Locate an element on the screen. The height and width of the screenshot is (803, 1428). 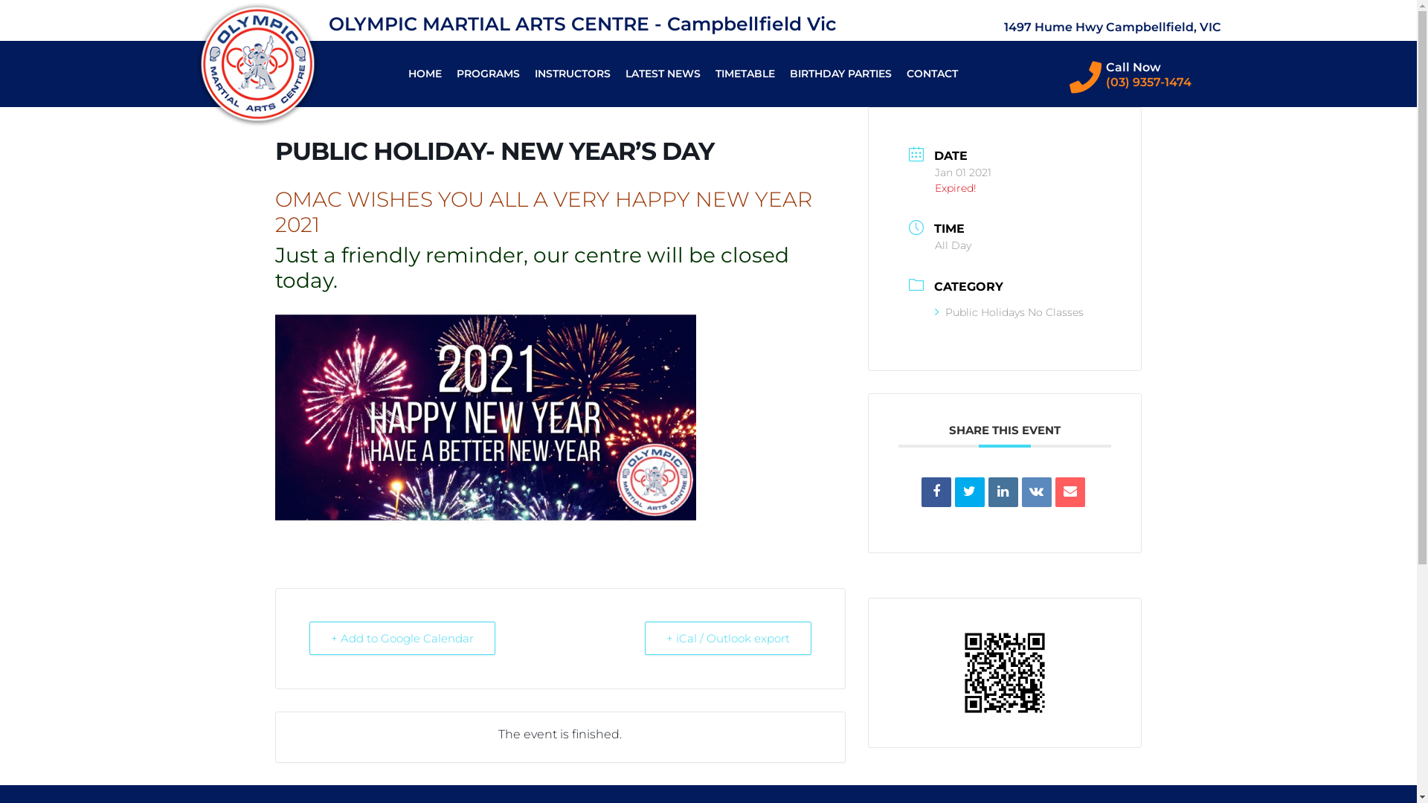
'INSTRUCTORS' is located at coordinates (527, 74).